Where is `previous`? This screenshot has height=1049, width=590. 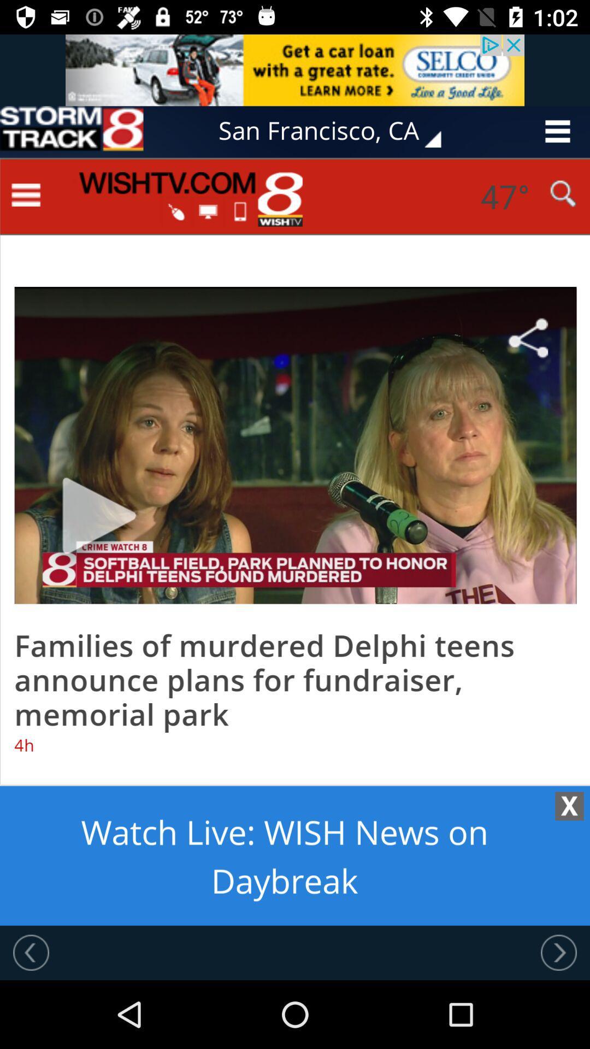 previous is located at coordinates (558, 952).